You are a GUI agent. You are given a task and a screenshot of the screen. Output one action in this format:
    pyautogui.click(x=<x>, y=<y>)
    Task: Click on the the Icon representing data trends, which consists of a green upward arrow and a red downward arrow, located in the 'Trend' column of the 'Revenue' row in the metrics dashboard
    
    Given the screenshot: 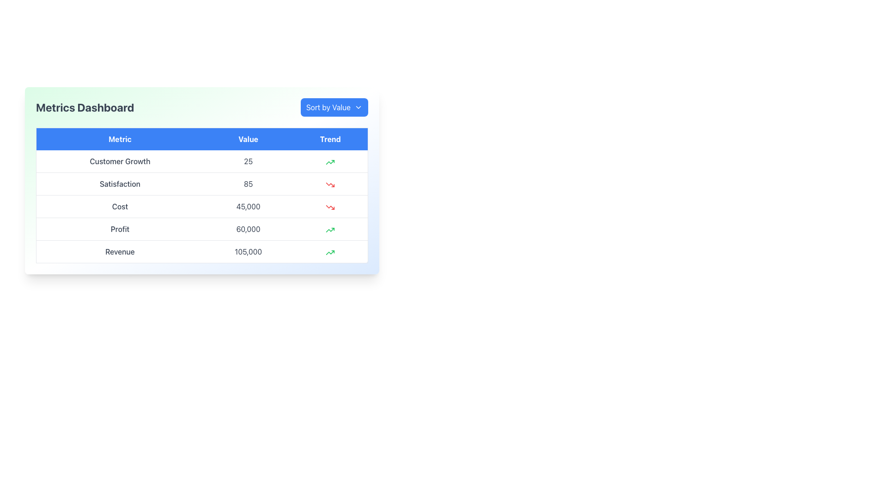 What is the action you would take?
    pyautogui.click(x=330, y=252)
    